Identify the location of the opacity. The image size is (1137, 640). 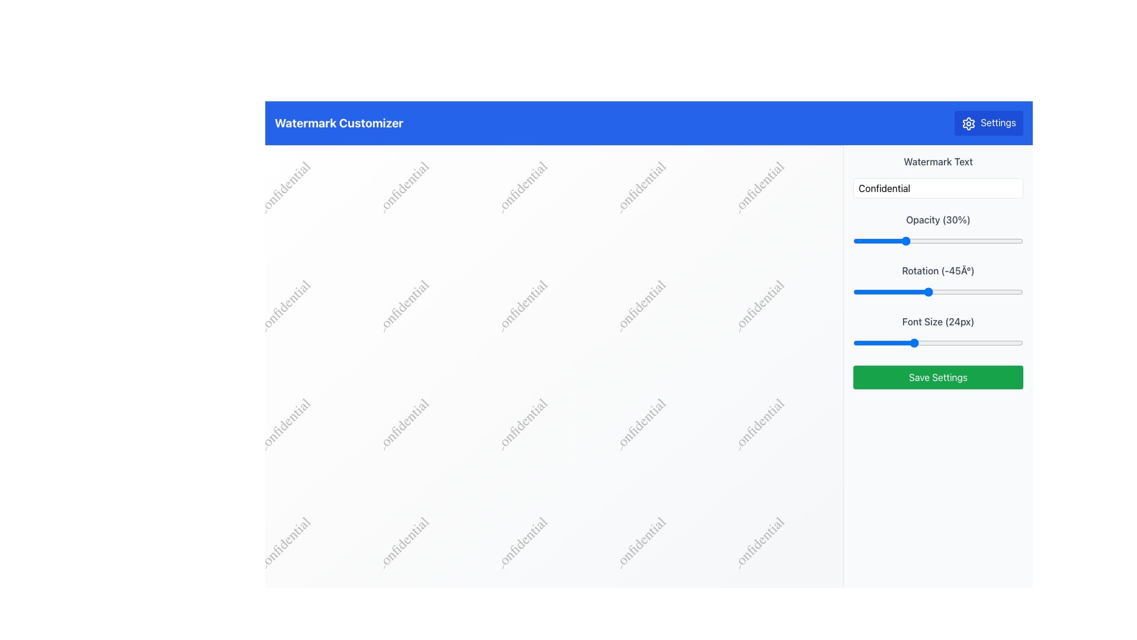
(944, 240).